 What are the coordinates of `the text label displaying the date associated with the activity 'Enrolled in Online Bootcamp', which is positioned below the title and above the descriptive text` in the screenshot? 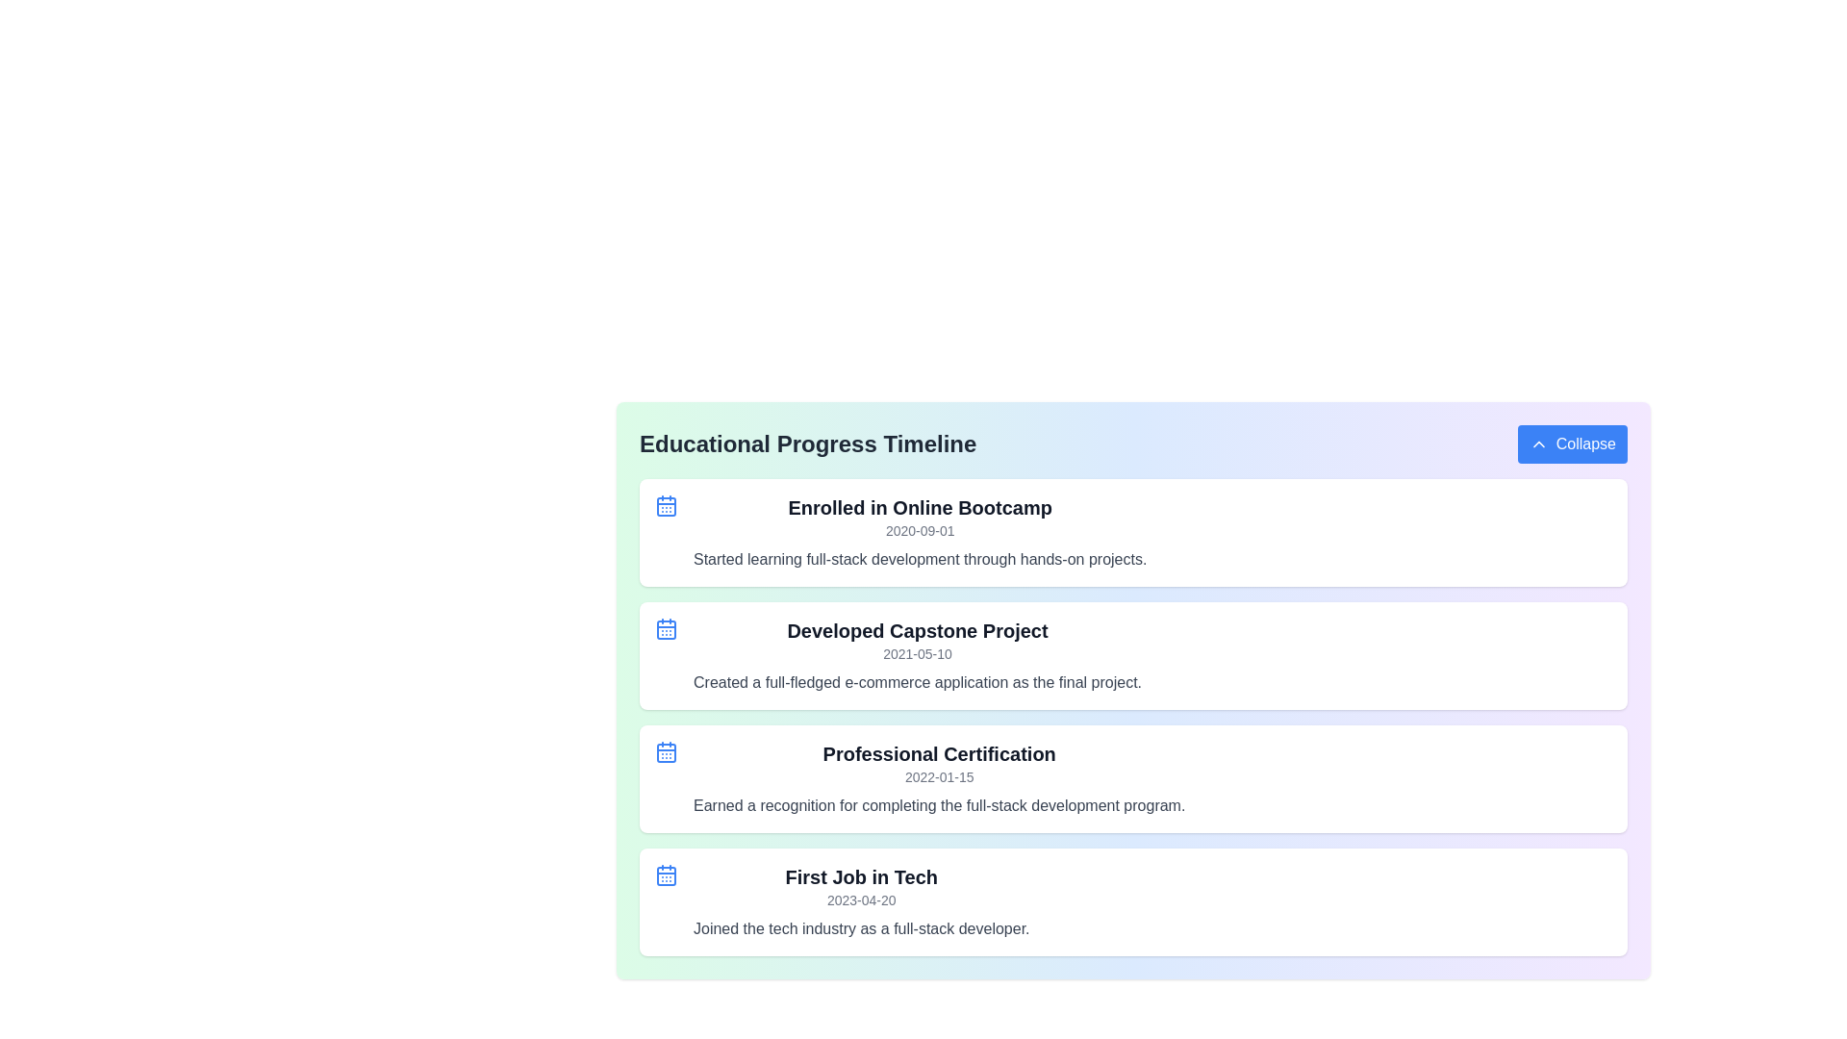 It's located at (919, 530).